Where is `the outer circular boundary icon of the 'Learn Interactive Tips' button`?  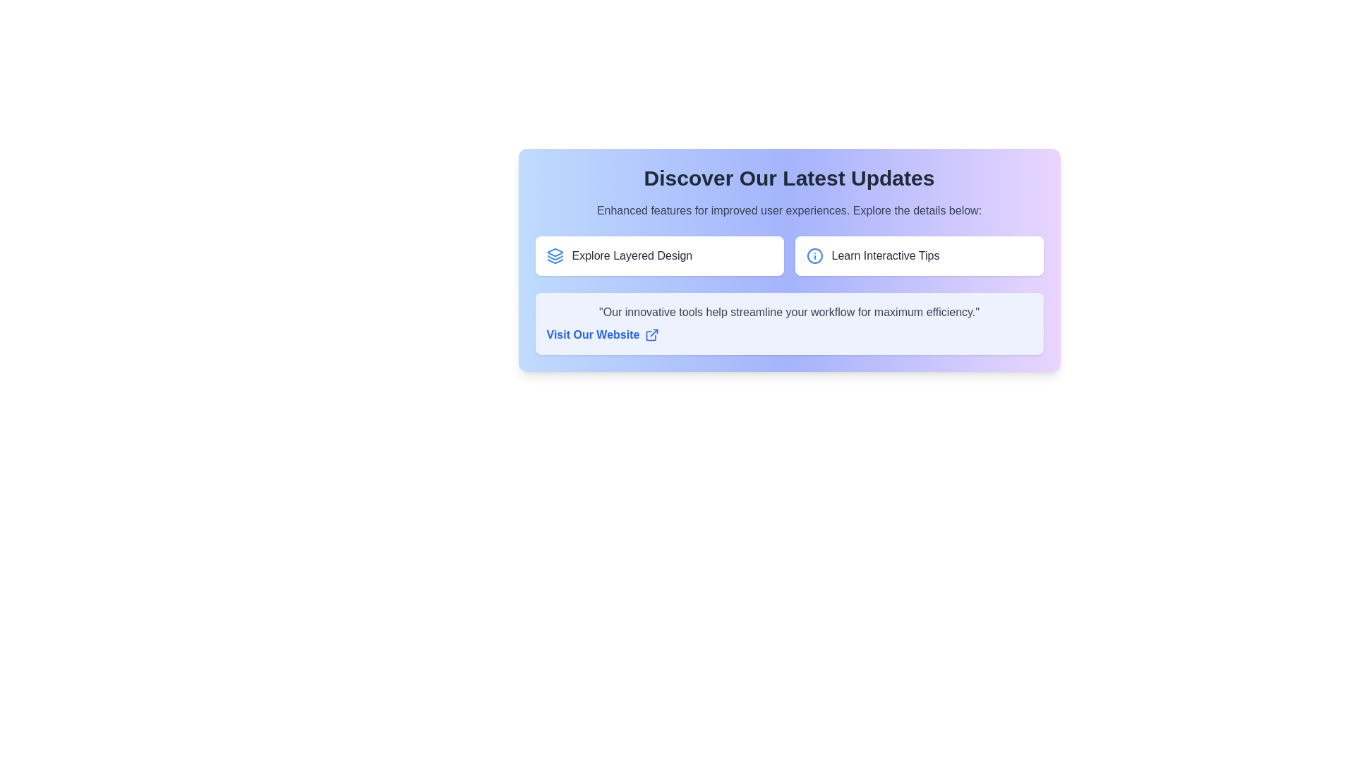
the outer circular boundary icon of the 'Learn Interactive Tips' button is located at coordinates (814, 255).